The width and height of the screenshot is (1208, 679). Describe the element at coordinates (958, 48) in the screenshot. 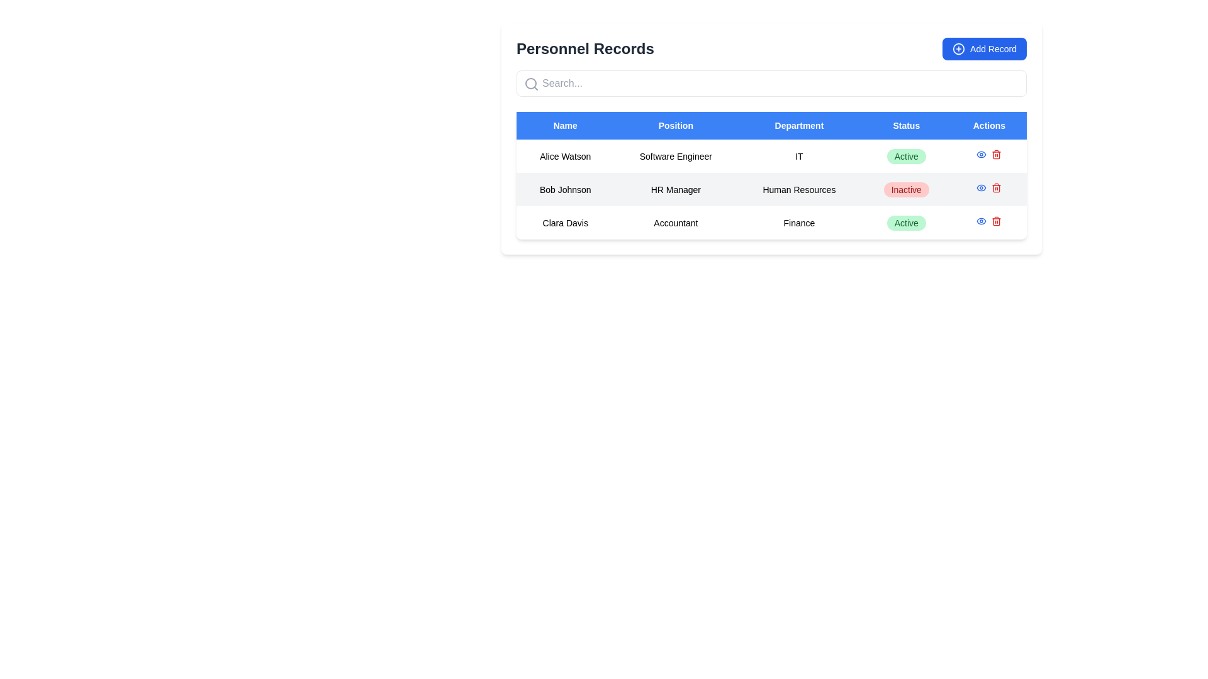

I see `the circular SVG element that is part of the icon for adding records, which is located to the left of the 'Add Record' button` at that location.